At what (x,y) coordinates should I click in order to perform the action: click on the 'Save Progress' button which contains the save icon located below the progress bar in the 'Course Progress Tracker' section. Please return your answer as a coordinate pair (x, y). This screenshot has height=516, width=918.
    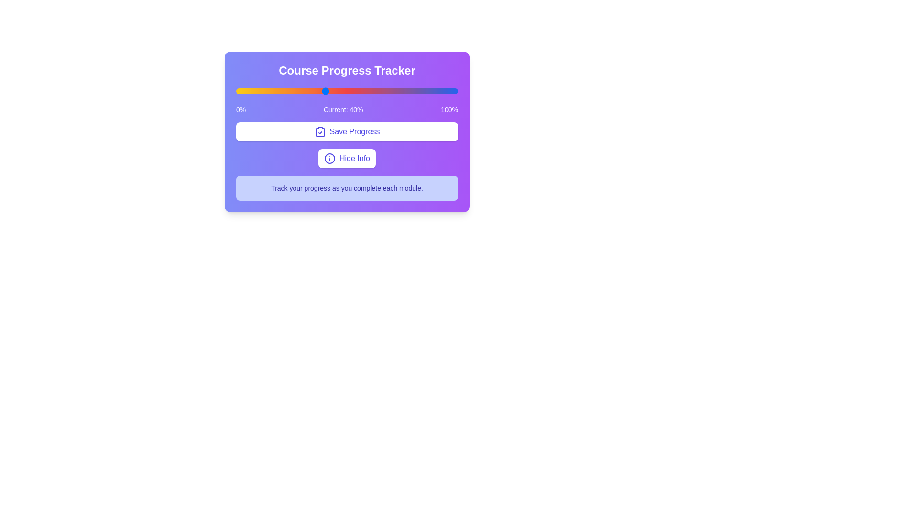
    Looking at the image, I should click on (320, 132).